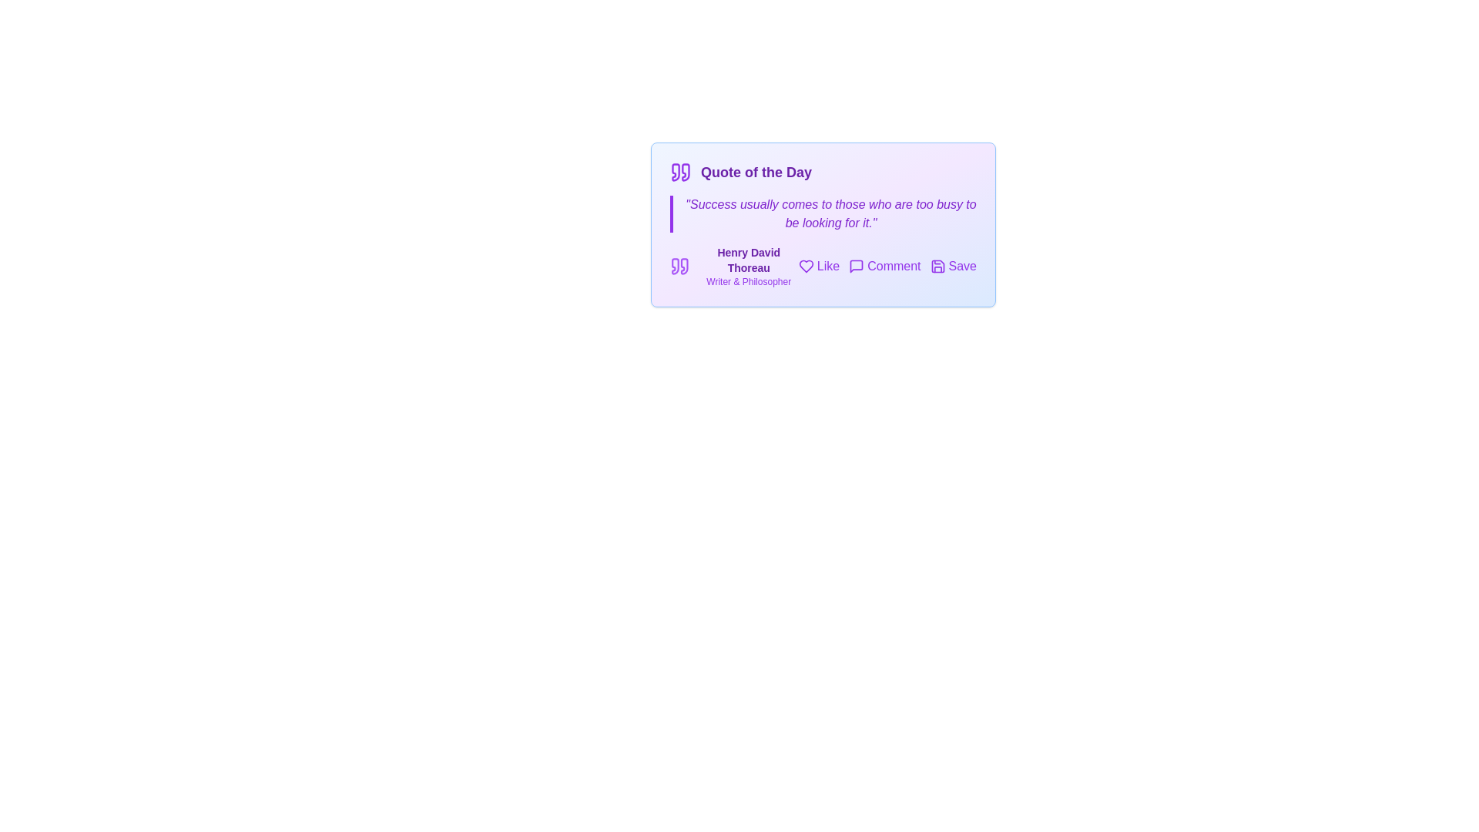  Describe the element at coordinates (961, 266) in the screenshot. I see `the 'Save' button with purple text located in the bottom-right corner of the card section, adjacent to the 'Comment' and 'Like' buttons` at that location.